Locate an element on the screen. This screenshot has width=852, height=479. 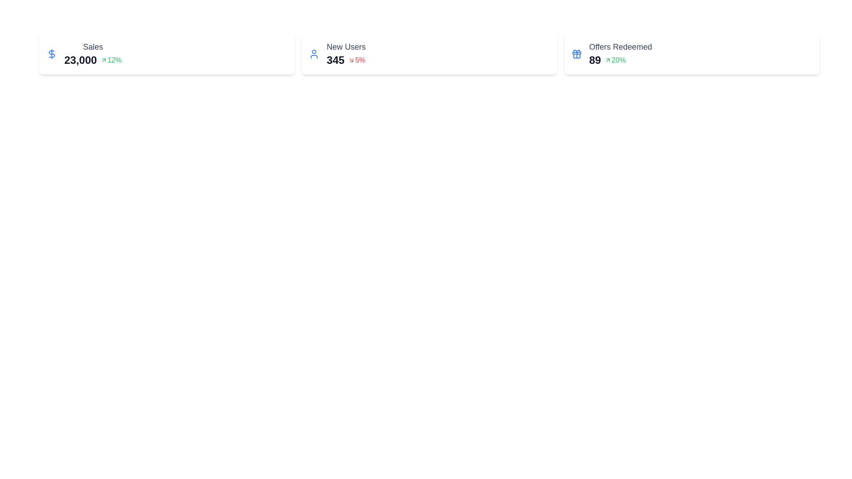
the SVG Rectangle that represents a gift icon within the second card on the right is located at coordinates (576, 53).